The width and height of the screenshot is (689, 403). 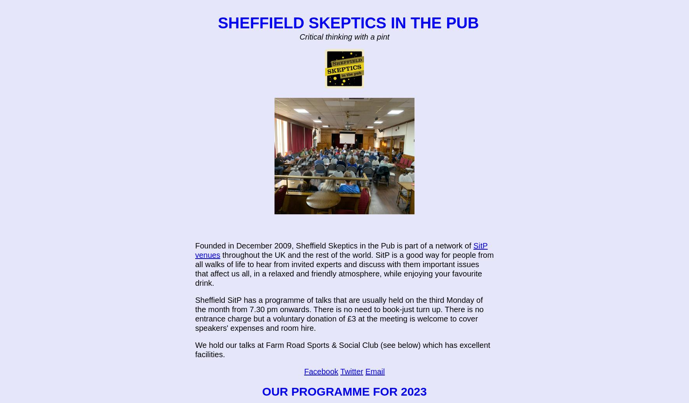 I want to click on 'OUR PROGRAMME FOR 2023', so click(x=344, y=391).